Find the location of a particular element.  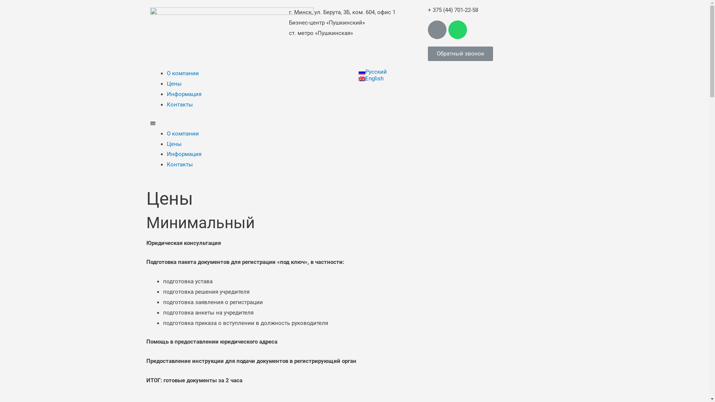

'English' is located at coordinates (358, 79).